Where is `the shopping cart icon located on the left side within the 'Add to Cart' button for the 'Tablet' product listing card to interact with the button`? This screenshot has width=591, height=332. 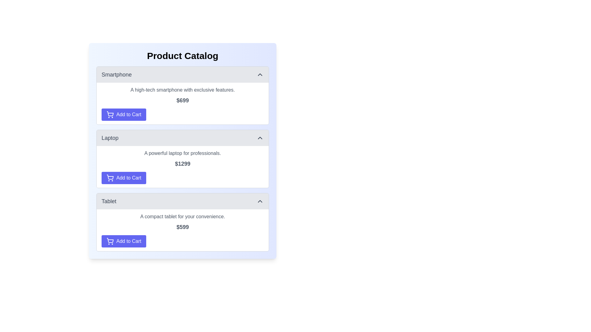
the shopping cart icon located on the left side within the 'Add to Cart' button for the 'Tablet' product listing card to interact with the button is located at coordinates (110, 241).